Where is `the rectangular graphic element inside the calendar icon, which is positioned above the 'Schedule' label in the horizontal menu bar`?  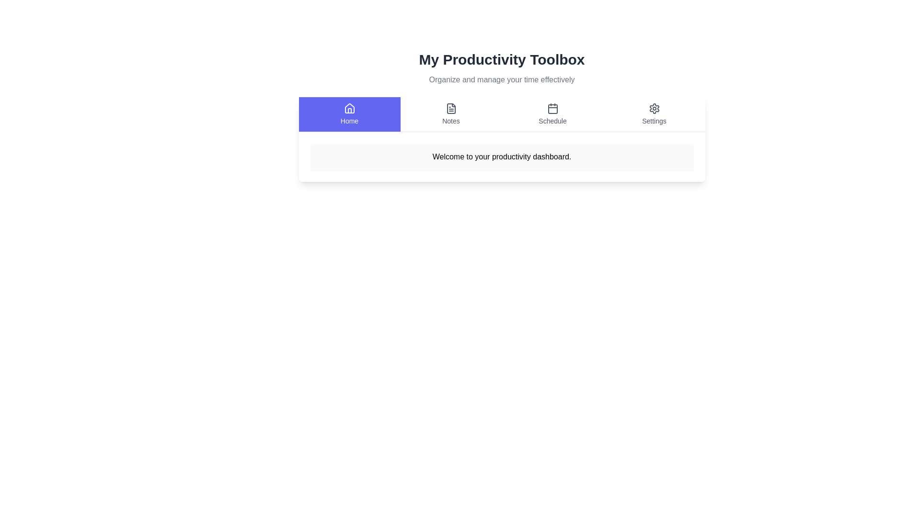 the rectangular graphic element inside the calendar icon, which is positioned above the 'Schedule' label in the horizontal menu bar is located at coordinates (552, 108).